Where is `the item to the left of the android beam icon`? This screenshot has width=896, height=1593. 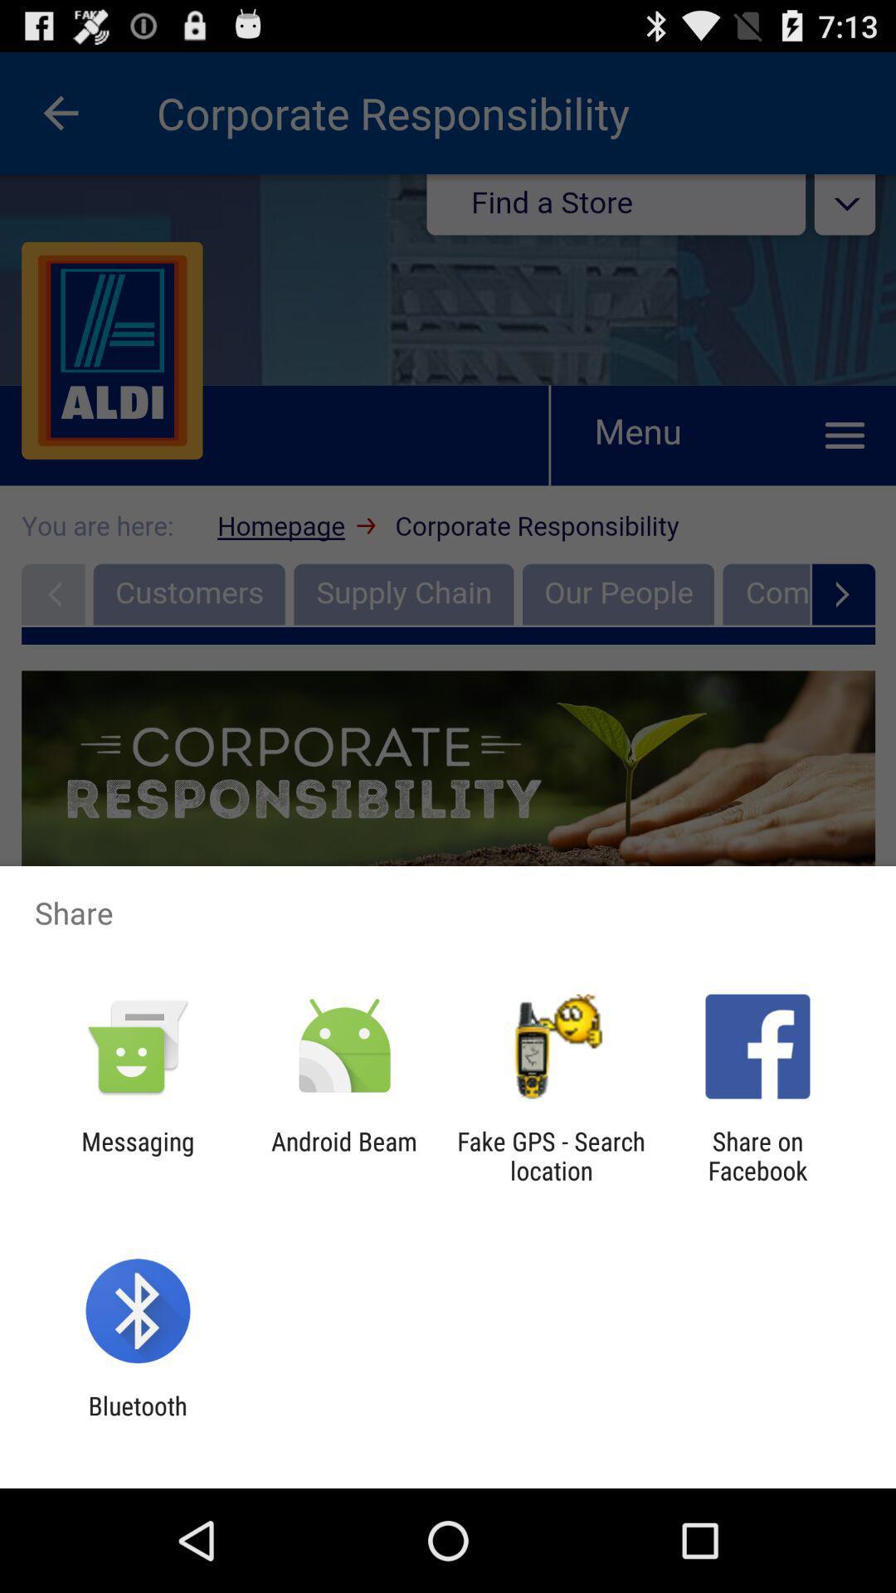
the item to the left of the android beam icon is located at coordinates (137, 1155).